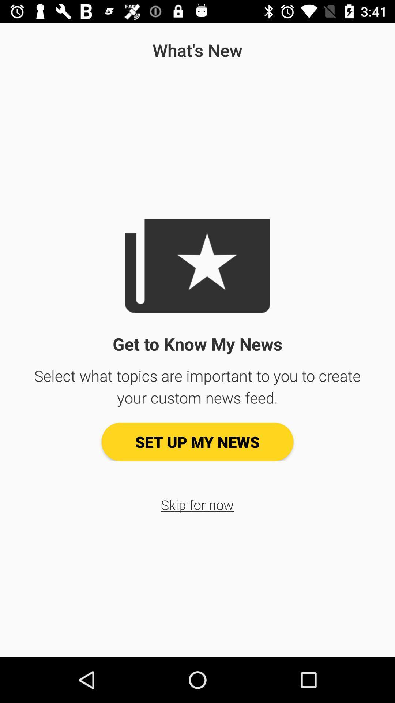 This screenshot has height=703, width=395. Describe the element at coordinates (197, 504) in the screenshot. I see `the button below the set up my` at that location.